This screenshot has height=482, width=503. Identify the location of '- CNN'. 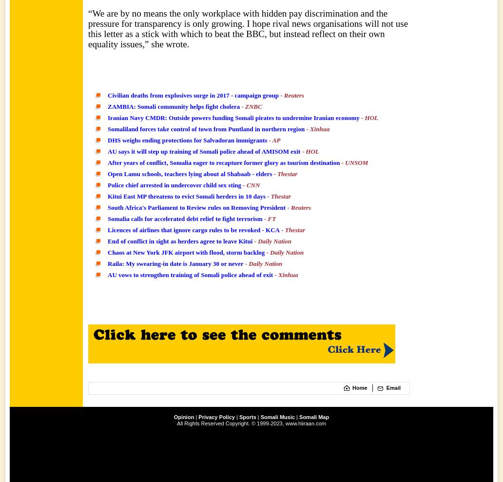
(250, 184).